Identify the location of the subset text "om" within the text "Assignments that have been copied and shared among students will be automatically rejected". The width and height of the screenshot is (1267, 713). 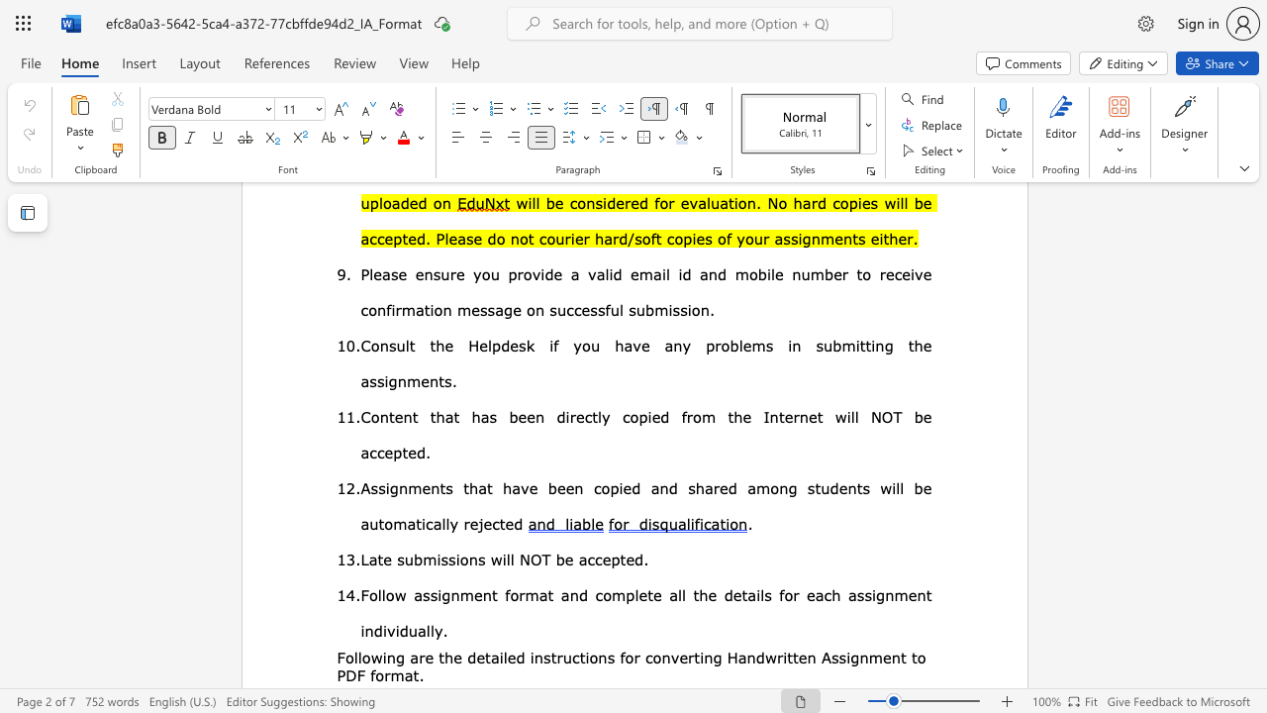
(384, 522).